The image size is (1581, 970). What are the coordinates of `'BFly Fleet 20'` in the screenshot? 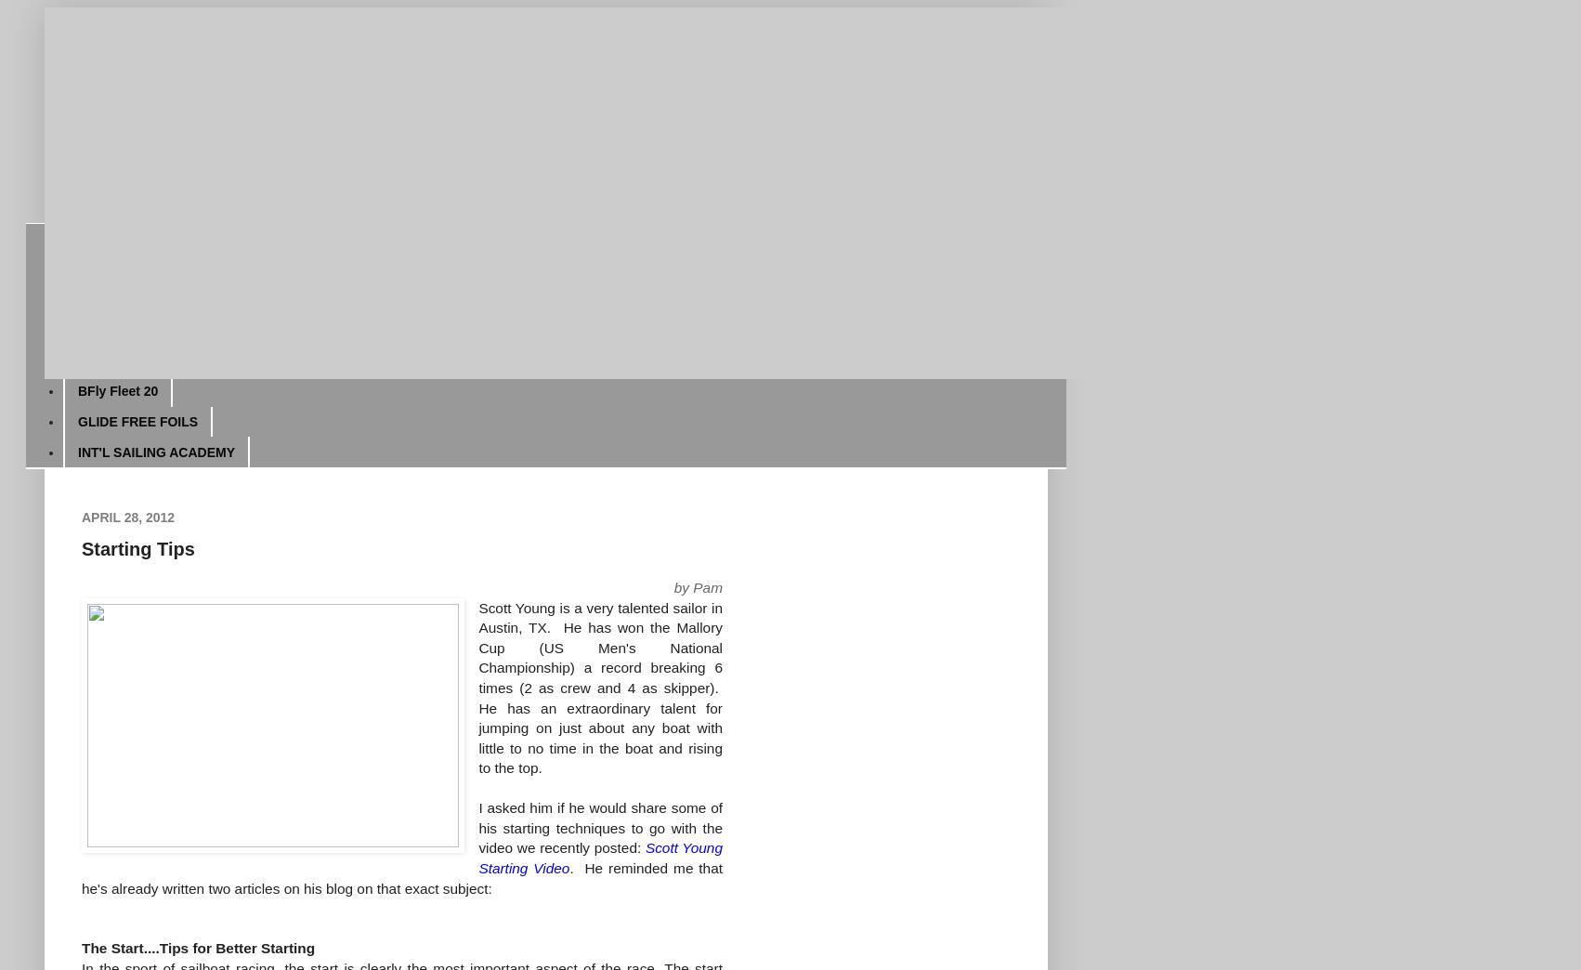 It's located at (117, 390).